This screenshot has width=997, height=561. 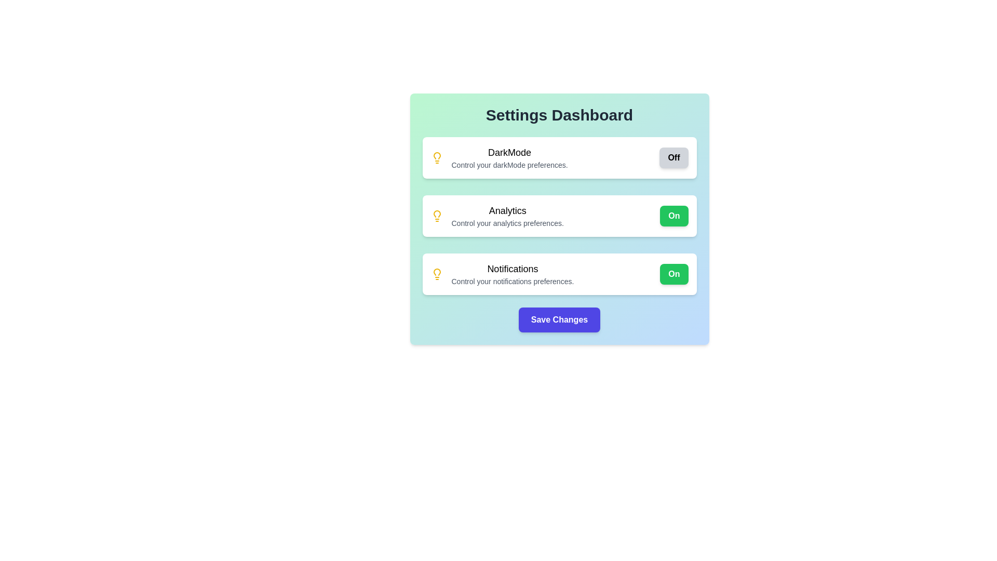 I want to click on the 'Analytics' switch to toggle its state, so click(x=673, y=216).